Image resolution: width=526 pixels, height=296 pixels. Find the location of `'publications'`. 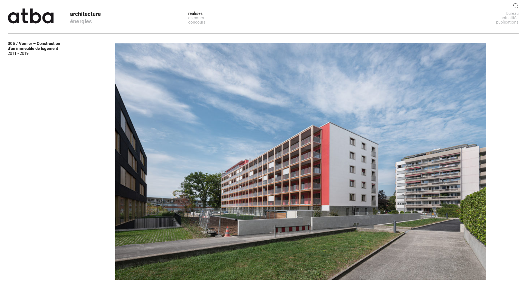

'publications' is located at coordinates (507, 22).